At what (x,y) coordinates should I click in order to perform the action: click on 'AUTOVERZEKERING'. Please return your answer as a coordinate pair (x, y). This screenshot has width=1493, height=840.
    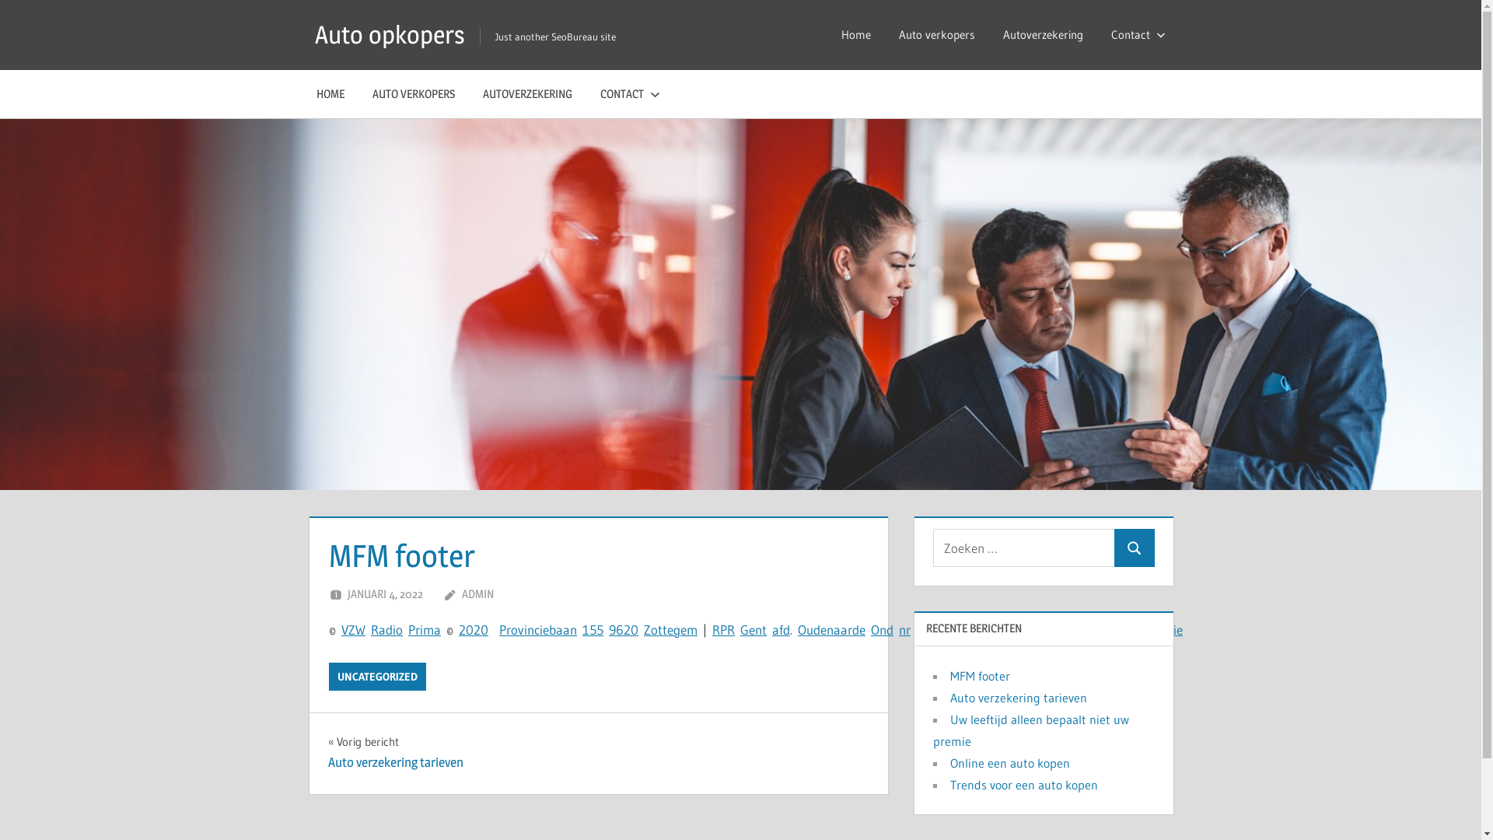
    Looking at the image, I should click on (468, 93).